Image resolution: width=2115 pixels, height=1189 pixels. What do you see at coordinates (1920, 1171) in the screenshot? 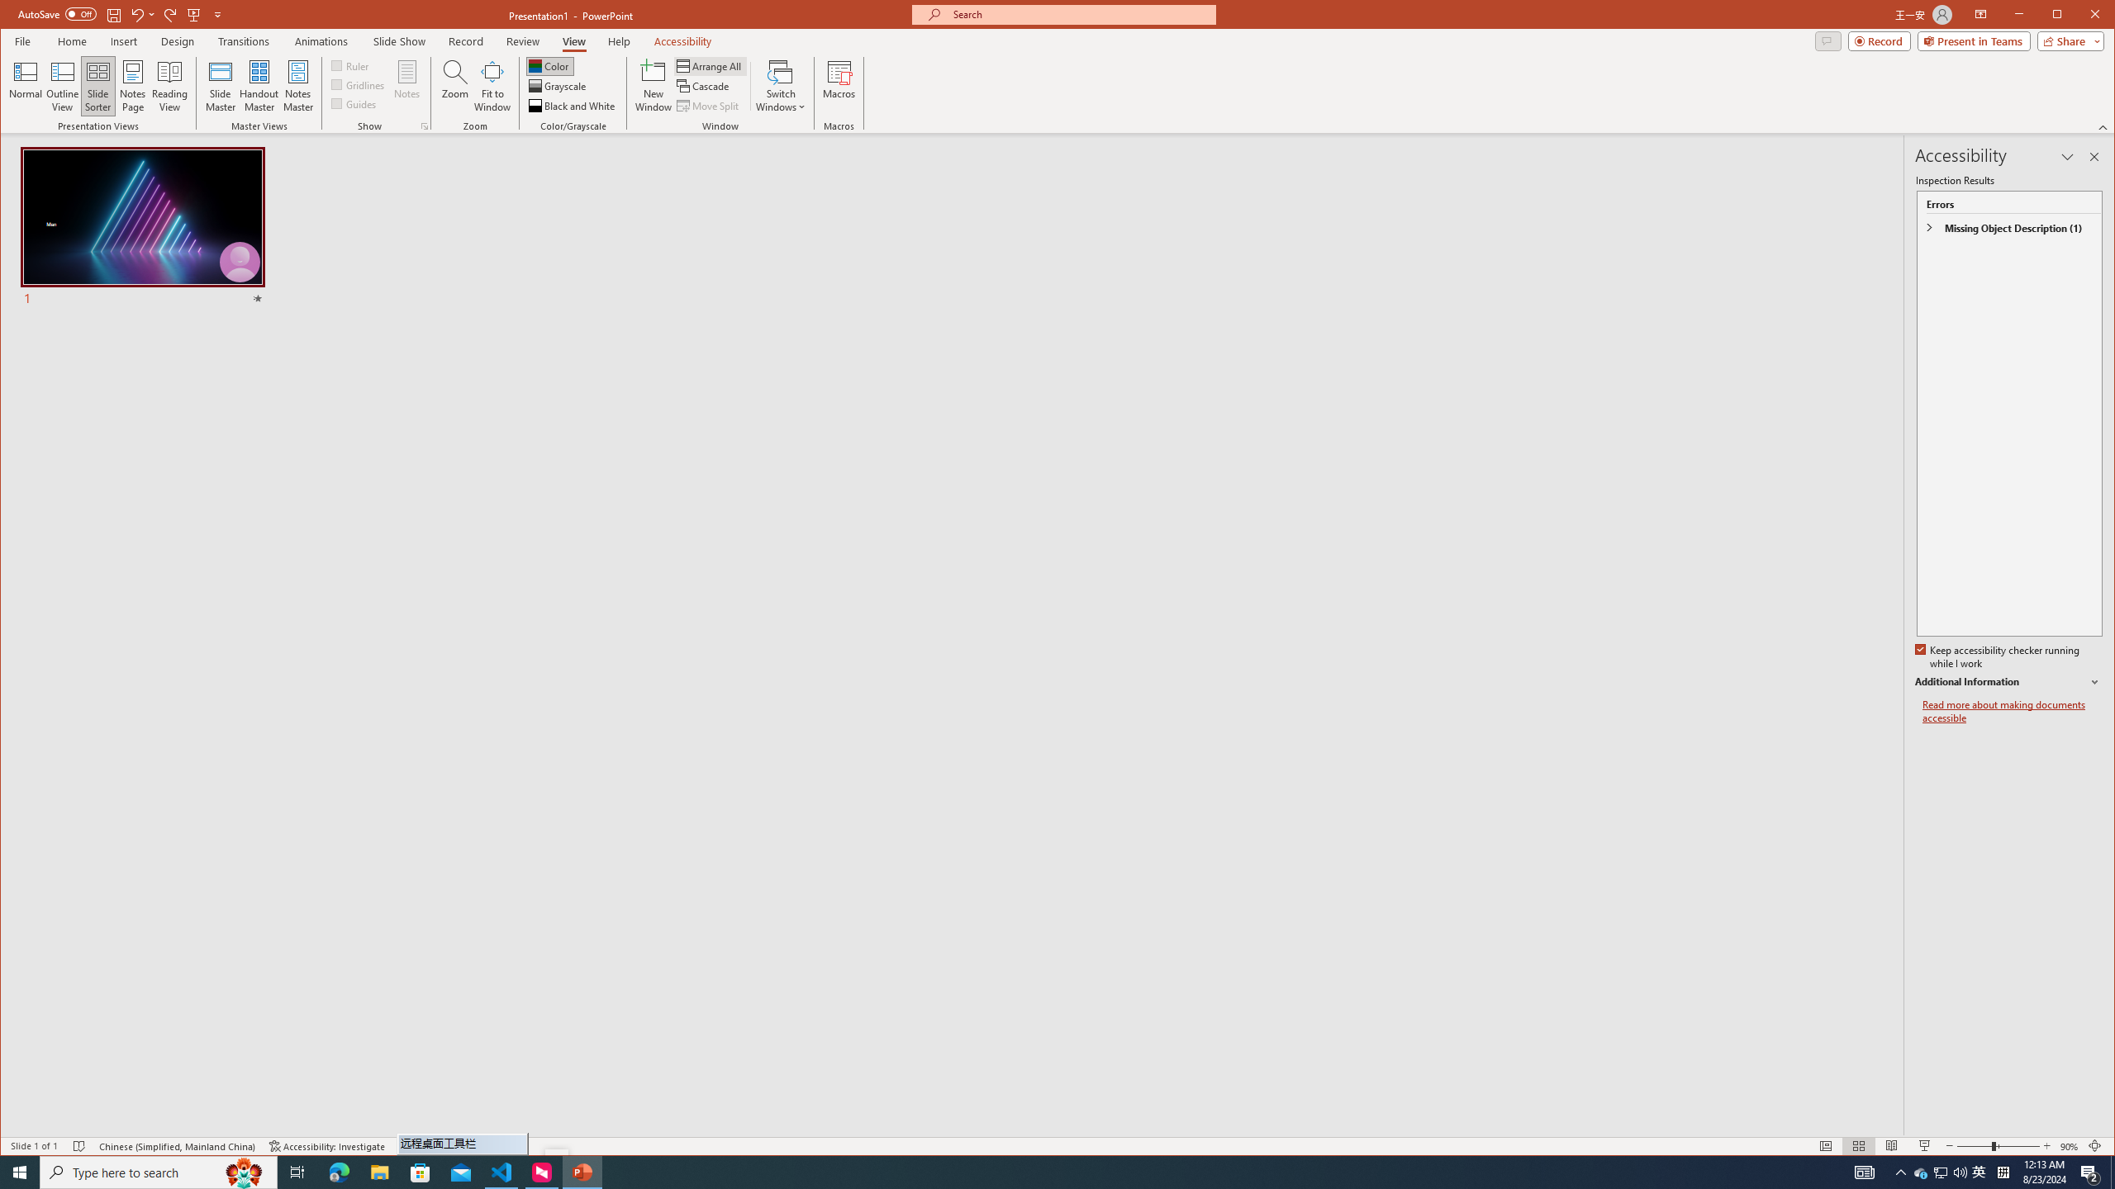
I see `'Color'` at bounding box center [1920, 1171].